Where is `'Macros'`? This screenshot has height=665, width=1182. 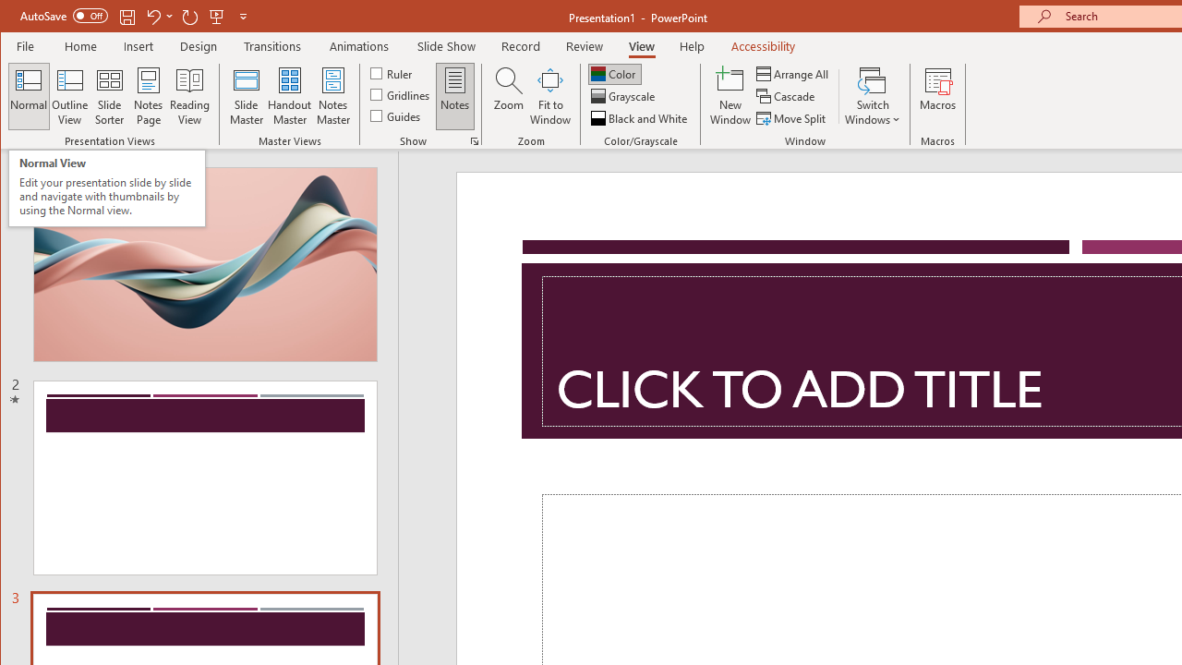 'Macros' is located at coordinates (938, 96).